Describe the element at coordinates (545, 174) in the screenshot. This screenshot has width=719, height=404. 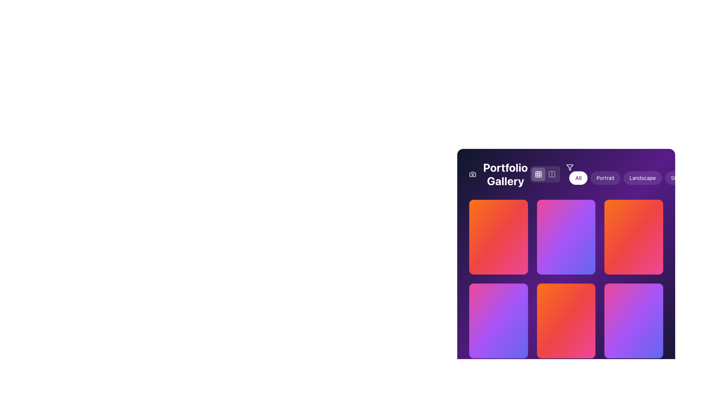
I see `the rectangular interactive button with a grid-like icon, styled with a purple background and located near the top-center of the interface, for potential tooltip display` at that location.